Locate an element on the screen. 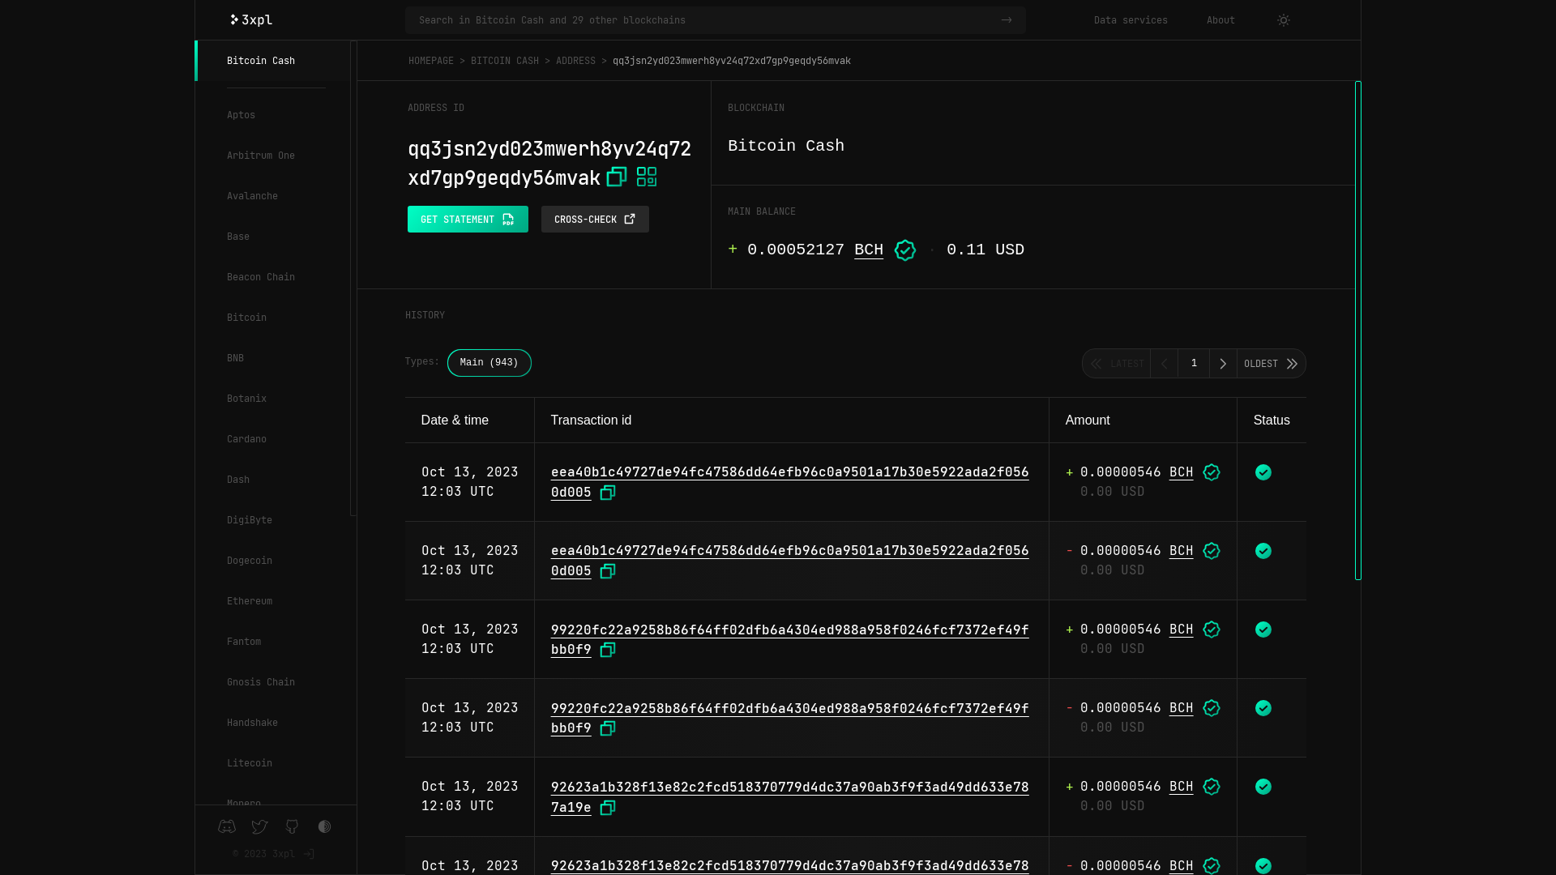 This screenshot has width=1556, height=875. 'DigiByte' is located at coordinates (272, 519).